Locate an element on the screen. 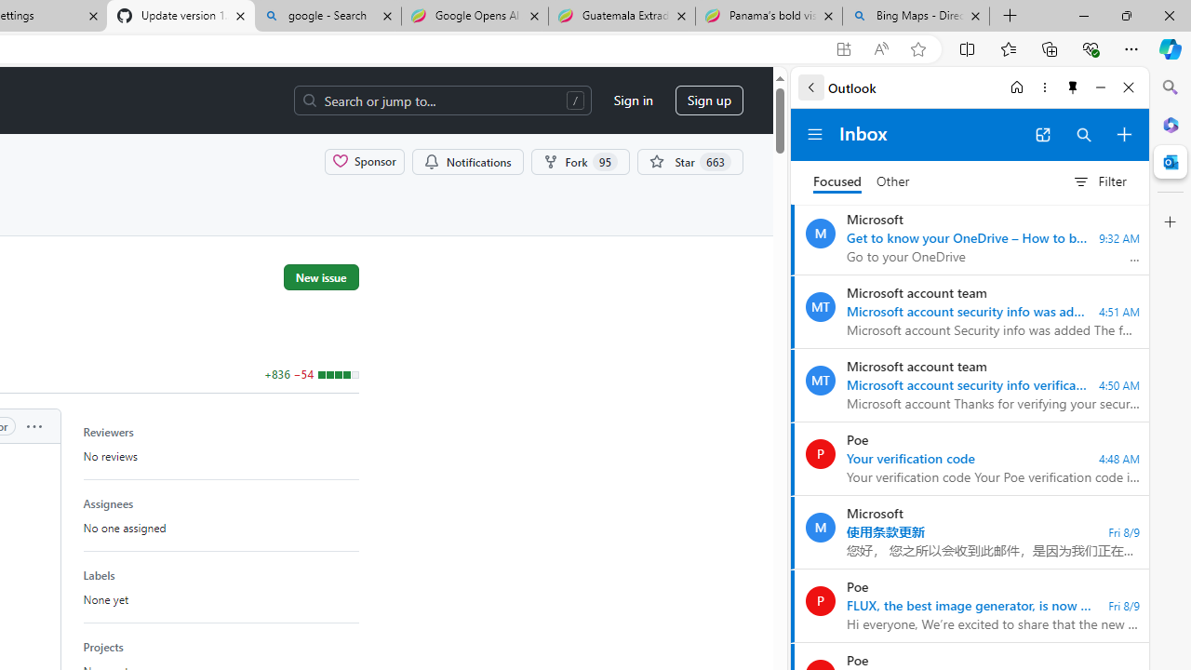 The height and width of the screenshot is (670, 1191). 'You must be signed in to change notification settings' is located at coordinates (467, 160).